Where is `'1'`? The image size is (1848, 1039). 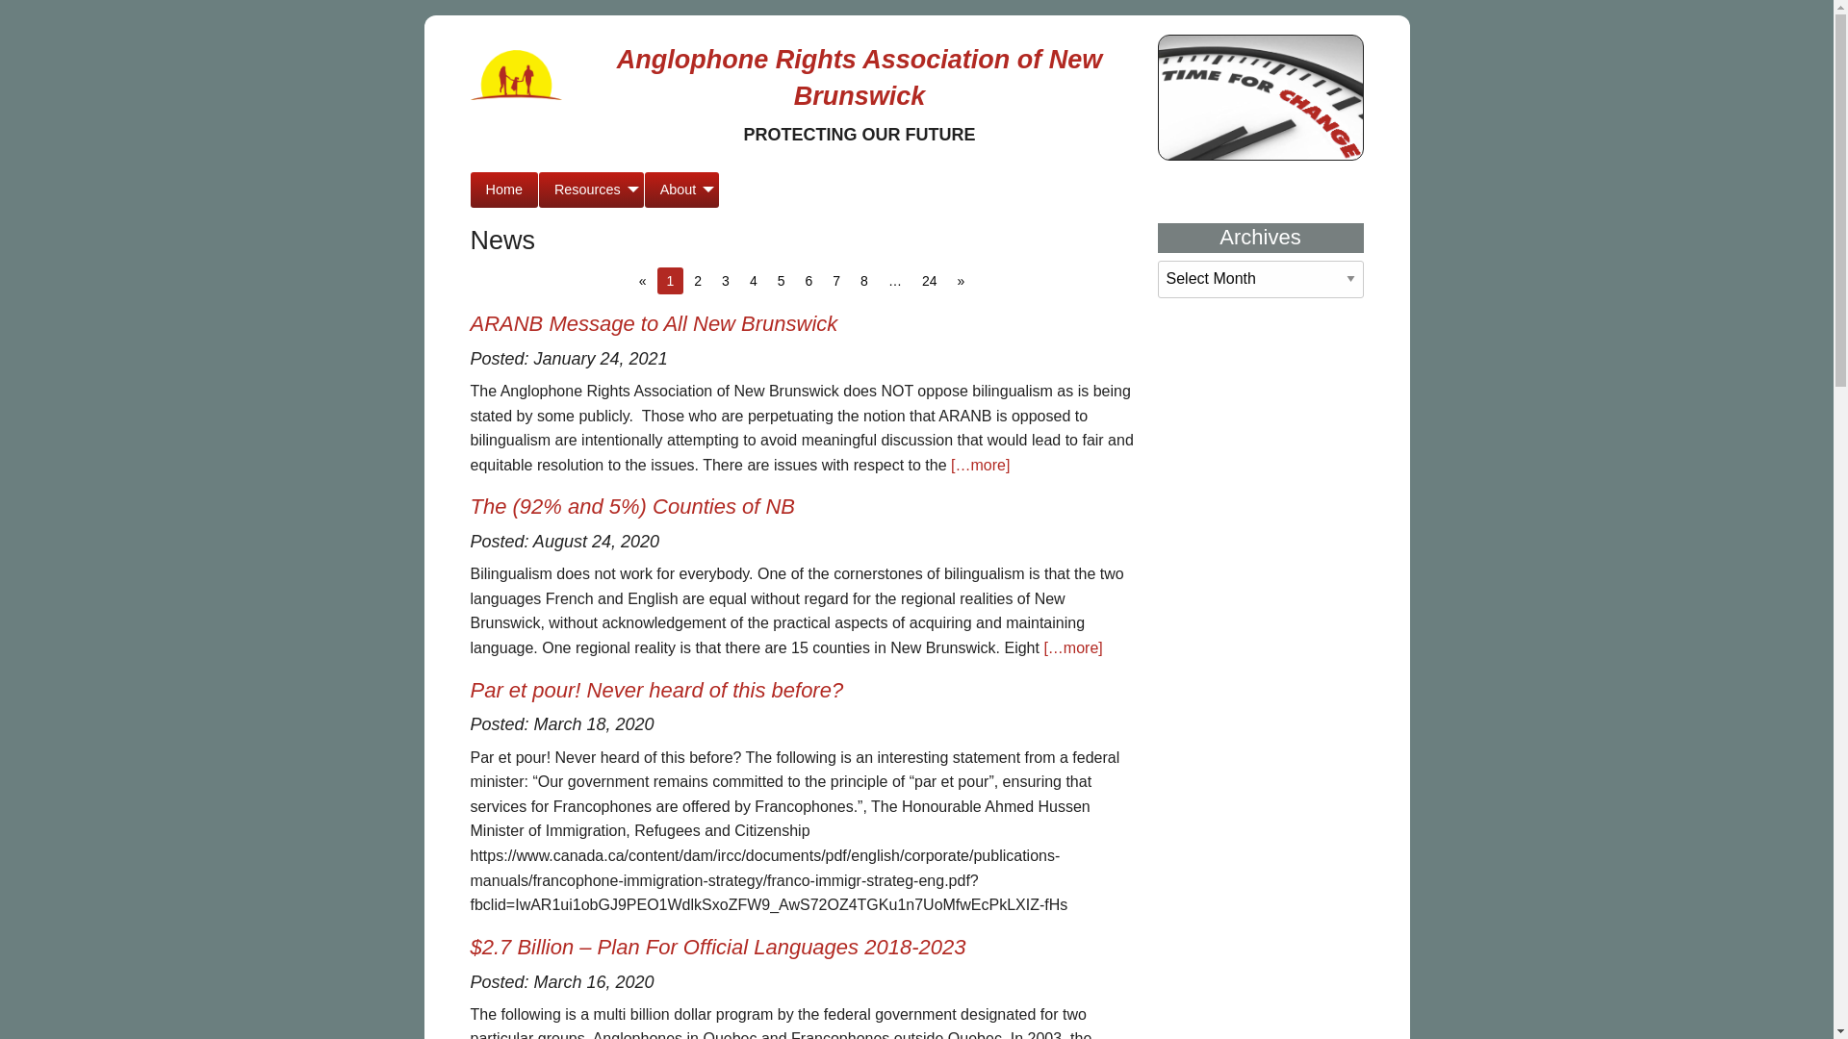
'1' is located at coordinates (656, 281).